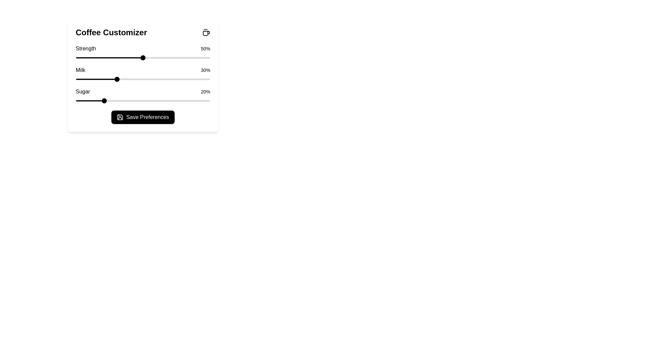  Describe the element at coordinates (82, 92) in the screenshot. I see `the text label reading 'Sugar' in the 'Coffee Customizer' section, which is displayed in black with medium font weight` at that location.